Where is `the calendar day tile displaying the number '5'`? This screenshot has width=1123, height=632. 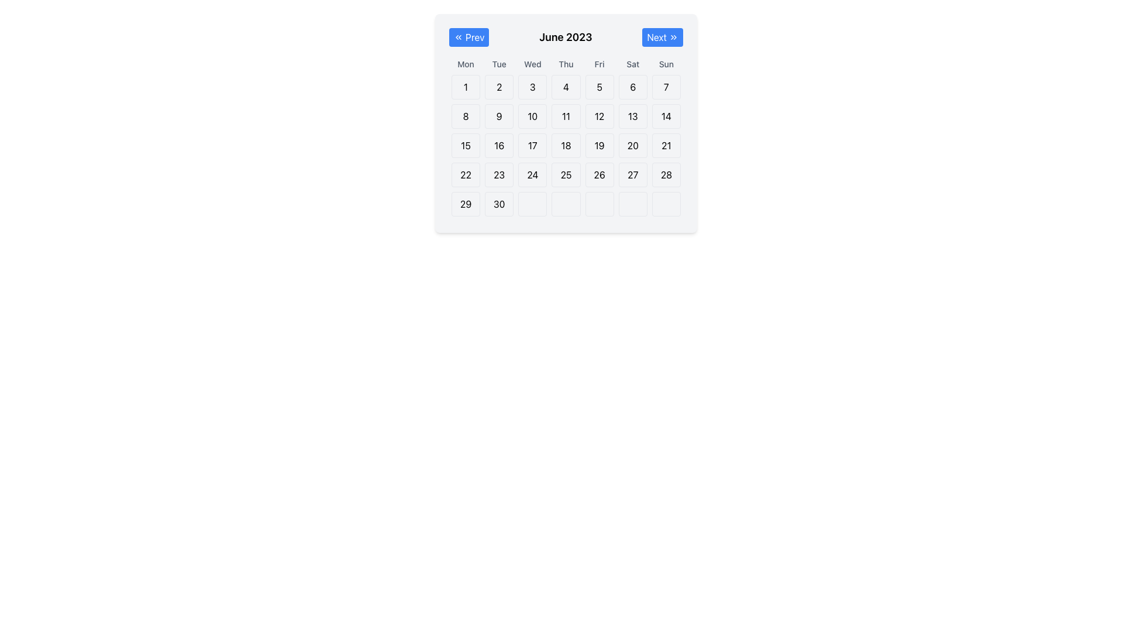
the calendar day tile displaying the number '5' is located at coordinates (600, 87).